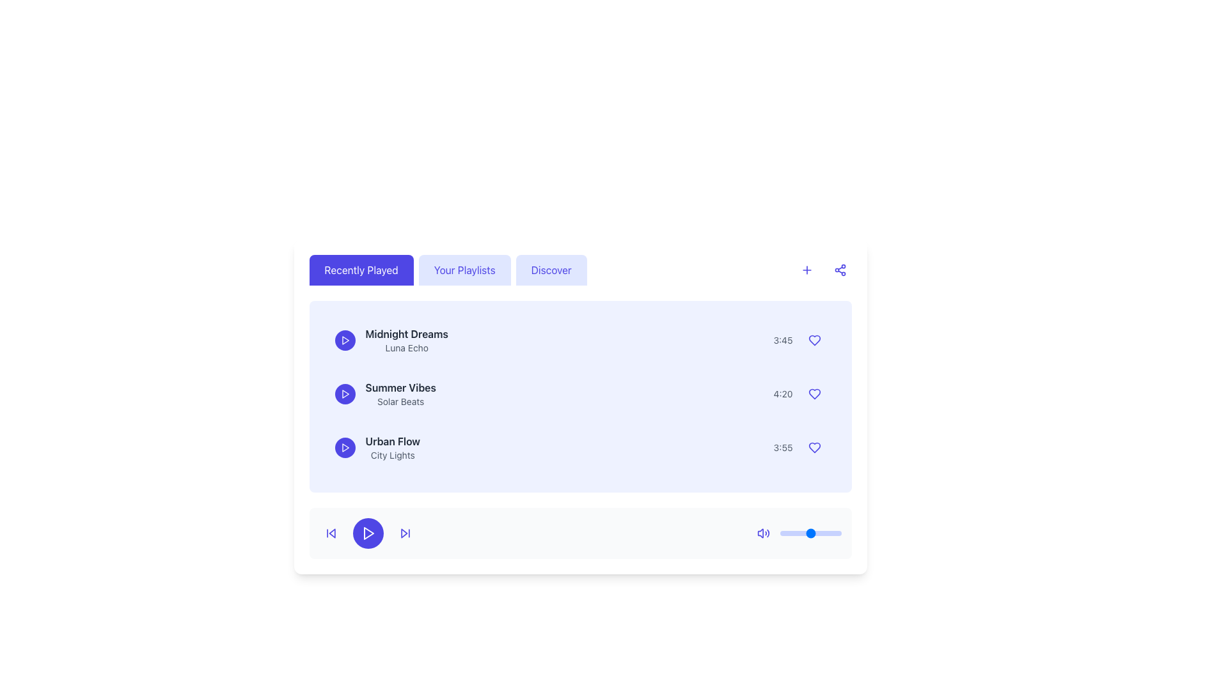 The image size is (1228, 690). Describe the element at coordinates (464, 270) in the screenshot. I see `the 'Your Playlists' button, which is a rectangular tab with light indigo background and darker indigo text, to trigger its hover state` at that location.